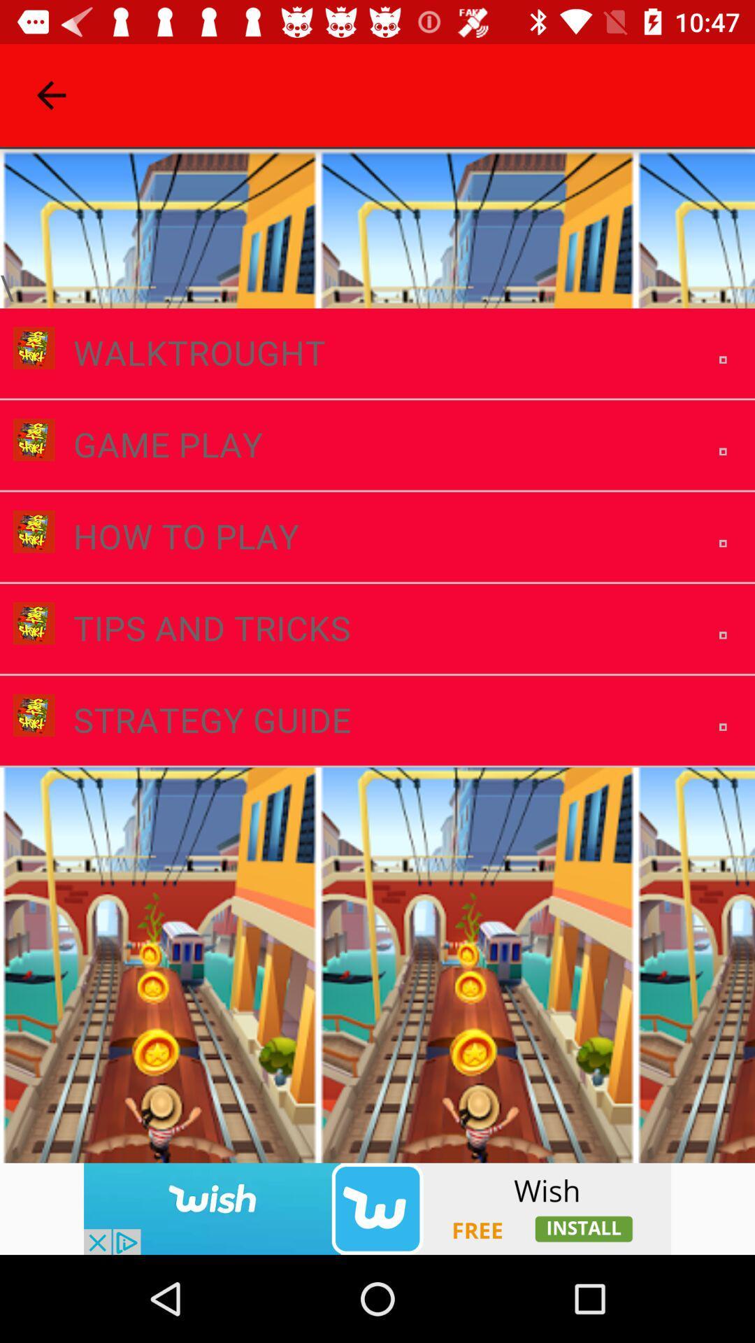  Describe the element at coordinates (377, 1208) in the screenshot. I see `advertisement` at that location.